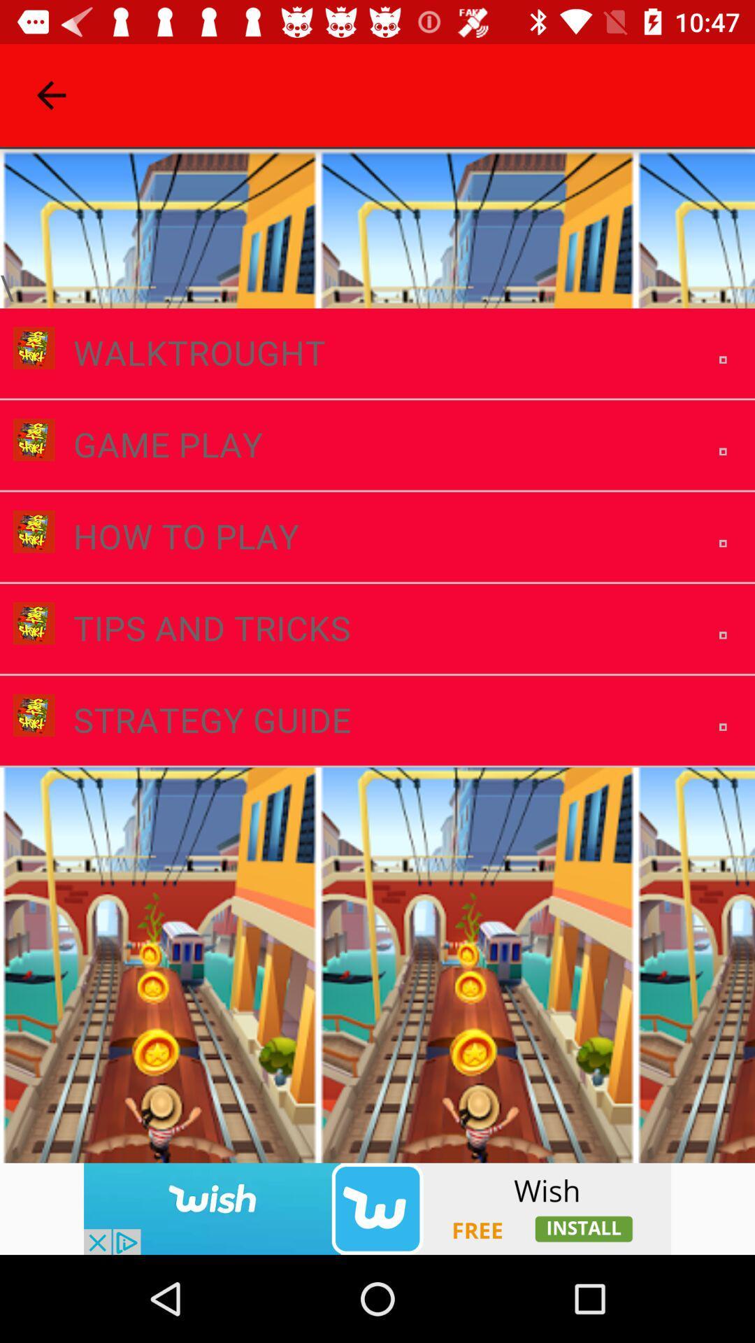  Describe the element at coordinates (377, 1208) in the screenshot. I see `advertisement` at that location.